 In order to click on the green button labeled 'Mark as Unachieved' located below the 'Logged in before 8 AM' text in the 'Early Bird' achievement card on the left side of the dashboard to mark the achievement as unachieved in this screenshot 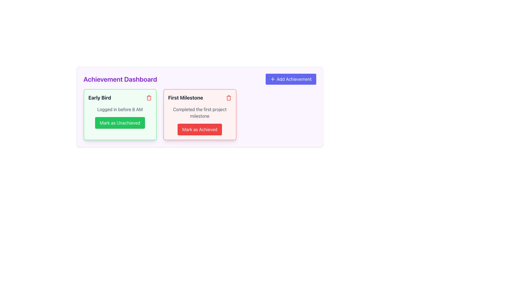, I will do `click(120, 123)`.